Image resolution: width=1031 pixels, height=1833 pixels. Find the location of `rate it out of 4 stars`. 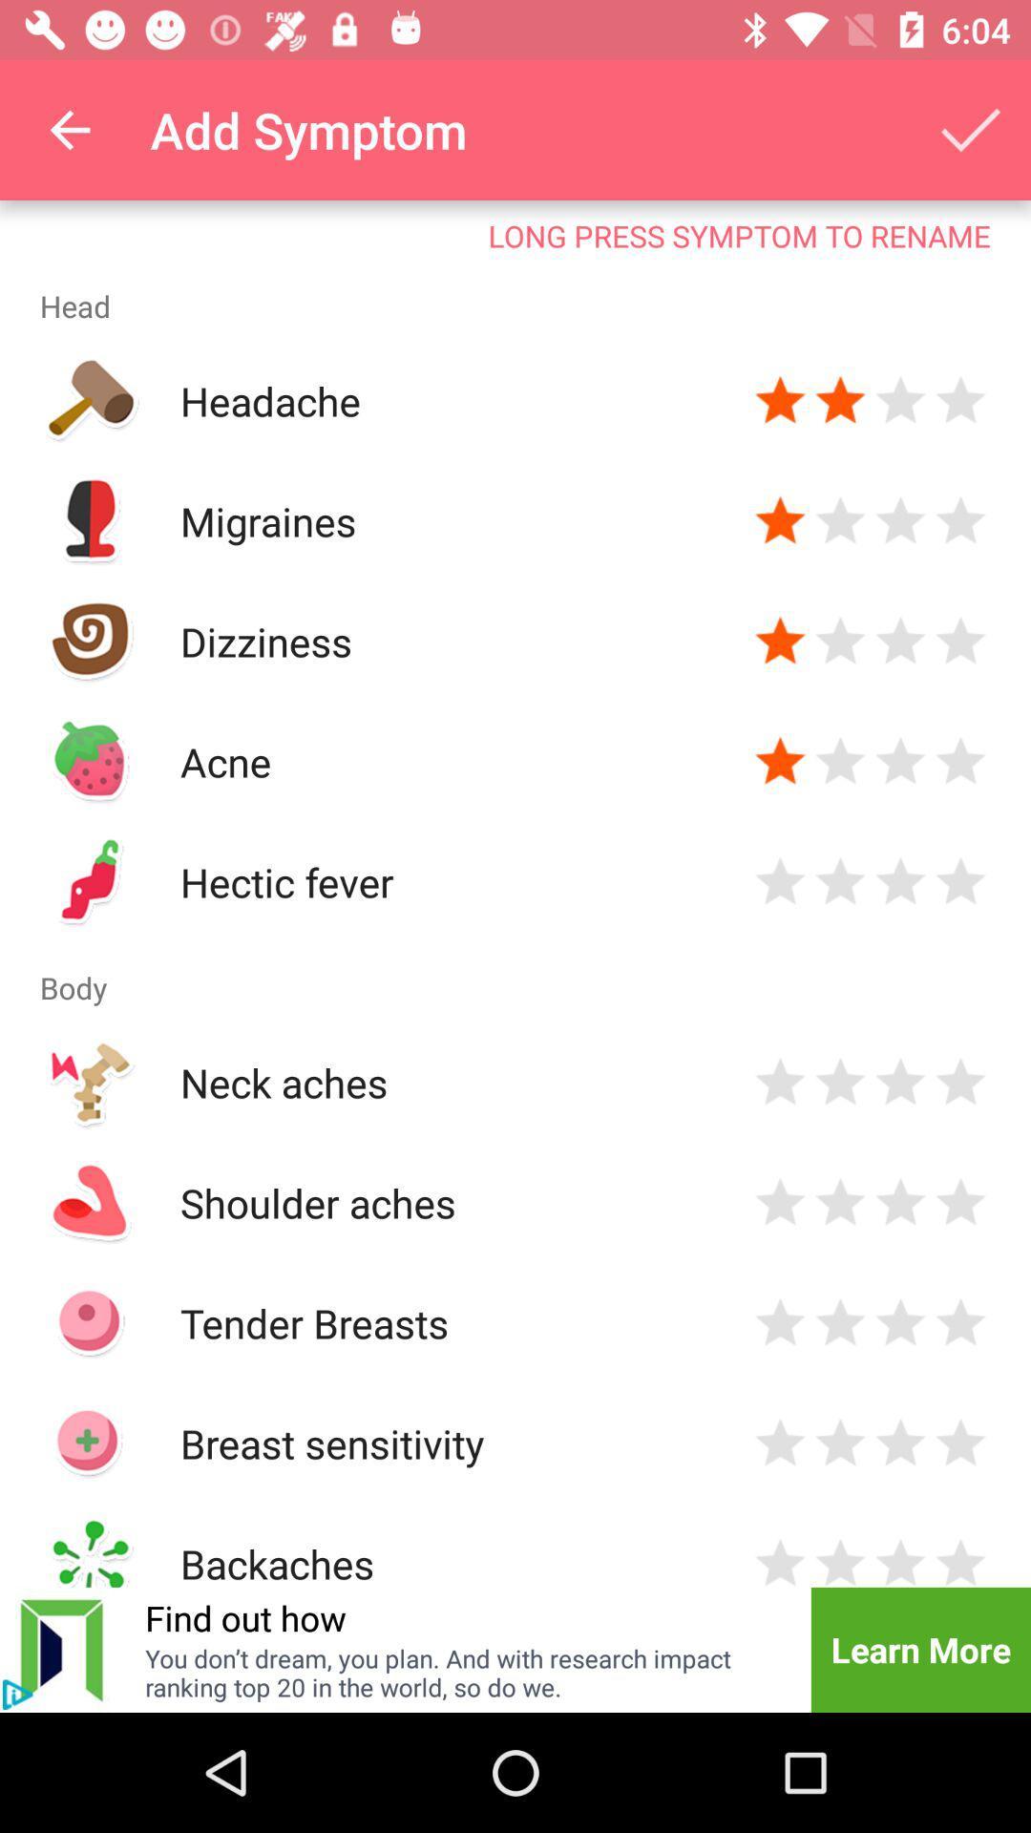

rate it out of 4 stars is located at coordinates (900, 1560).